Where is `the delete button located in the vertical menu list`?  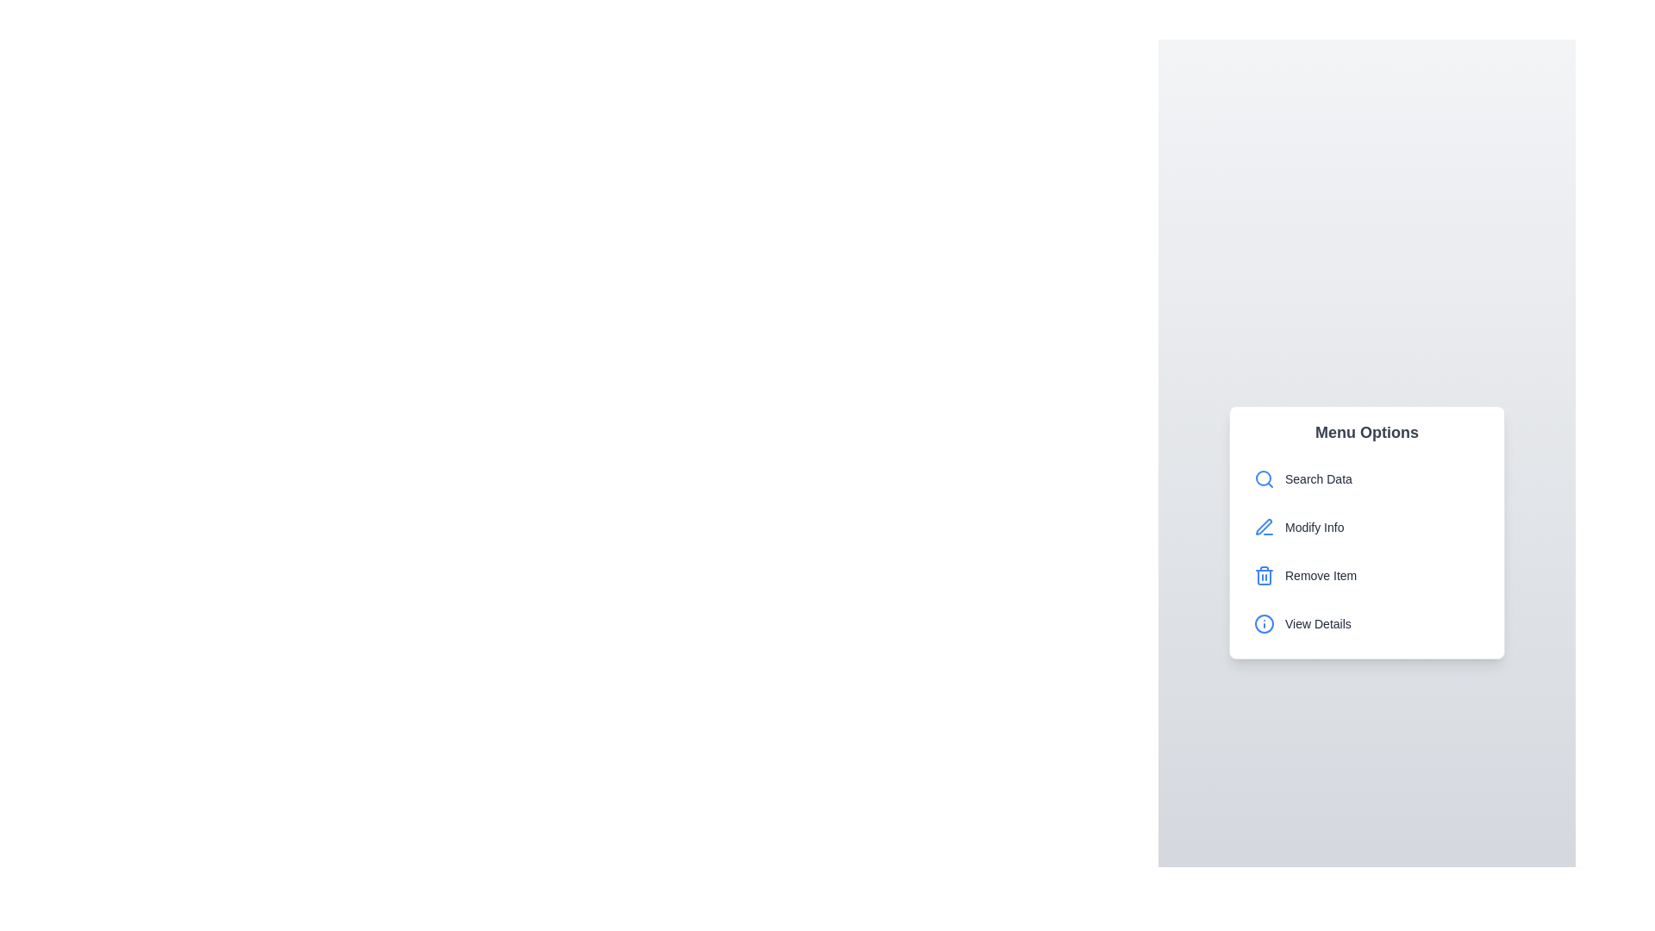
the delete button located in the vertical menu list is located at coordinates (1365, 575).